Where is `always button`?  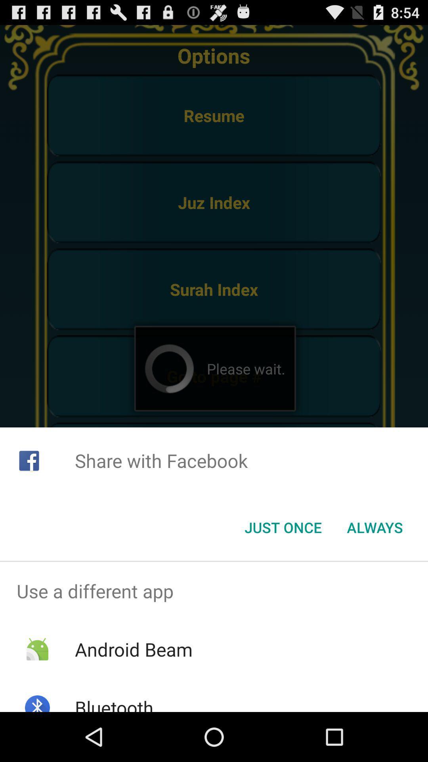 always button is located at coordinates (374, 527).